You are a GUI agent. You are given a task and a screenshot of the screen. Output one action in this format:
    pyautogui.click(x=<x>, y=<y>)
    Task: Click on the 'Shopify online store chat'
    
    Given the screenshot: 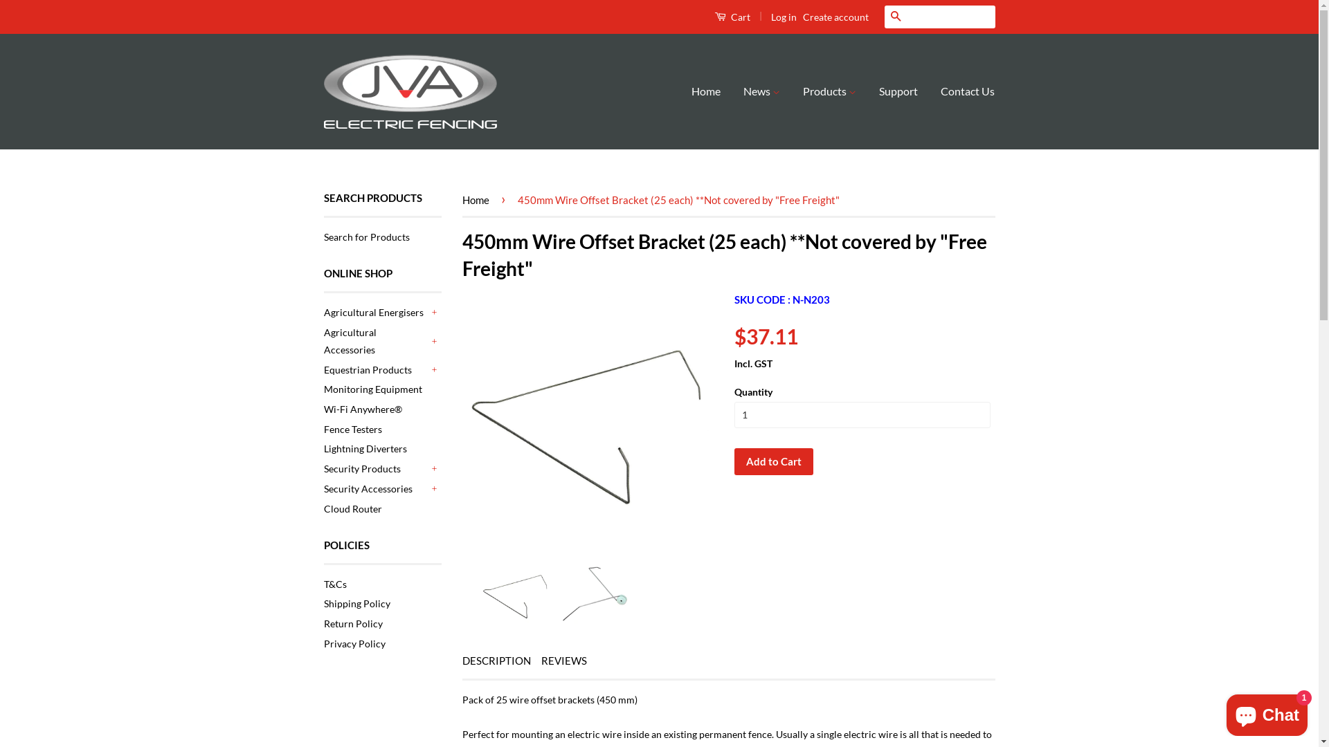 What is the action you would take?
    pyautogui.click(x=1267, y=712)
    